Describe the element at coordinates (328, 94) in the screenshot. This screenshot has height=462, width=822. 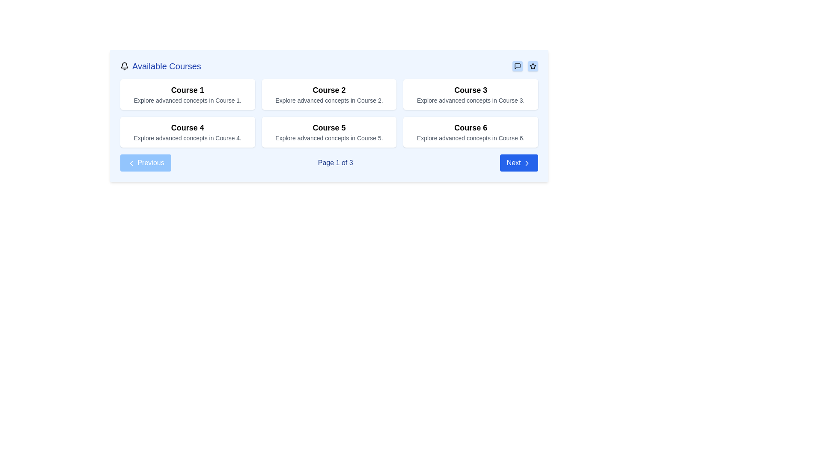
I see `the static visual representation of the course titled 'Course 2' which is the second card in a grid layout of courses` at that location.